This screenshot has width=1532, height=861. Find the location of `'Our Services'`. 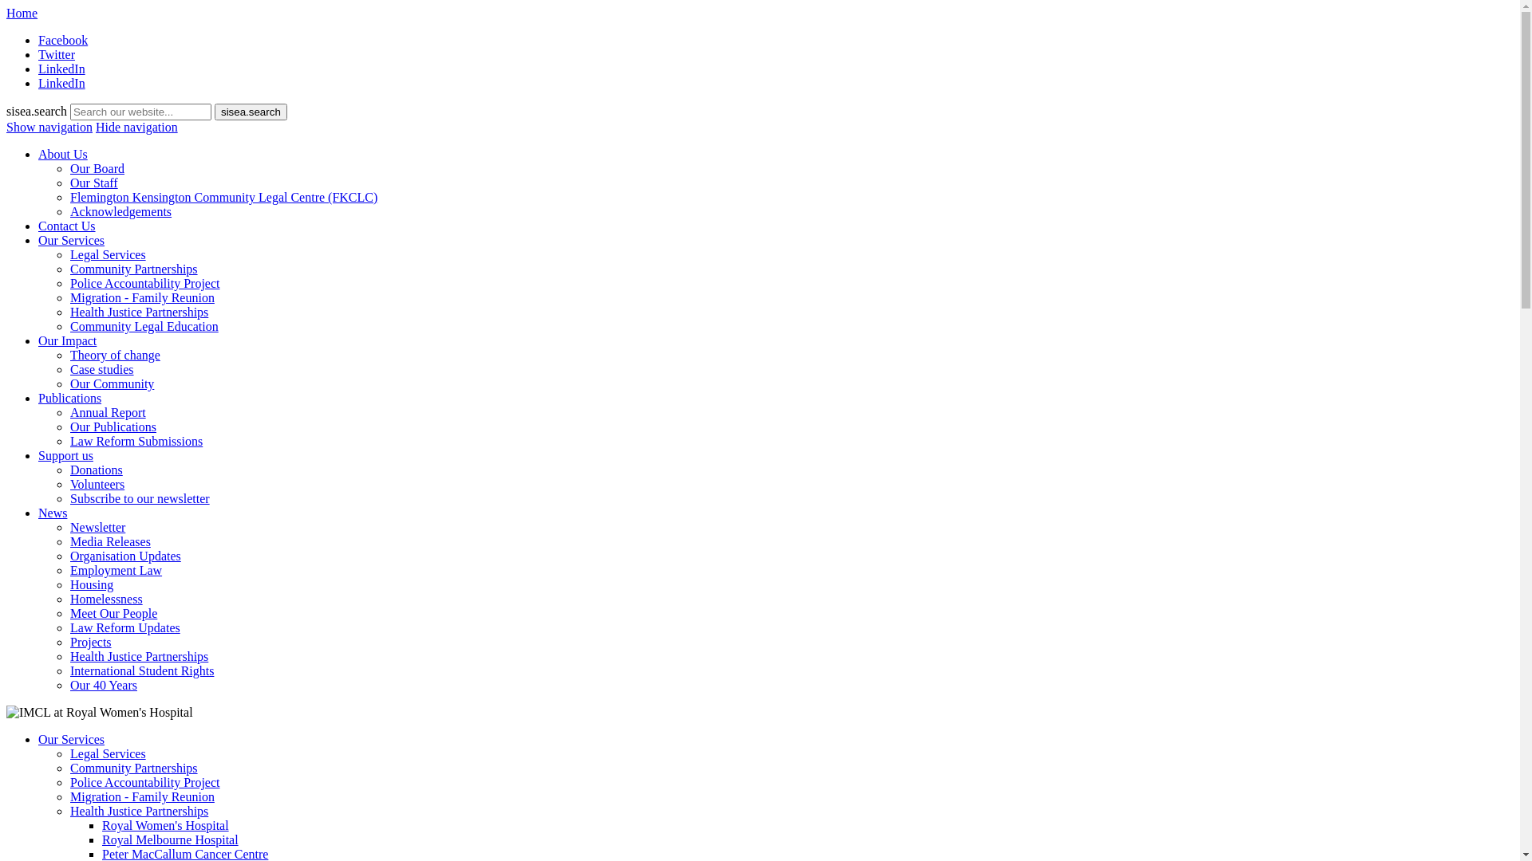

'Our Services' is located at coordinates (38, 739).